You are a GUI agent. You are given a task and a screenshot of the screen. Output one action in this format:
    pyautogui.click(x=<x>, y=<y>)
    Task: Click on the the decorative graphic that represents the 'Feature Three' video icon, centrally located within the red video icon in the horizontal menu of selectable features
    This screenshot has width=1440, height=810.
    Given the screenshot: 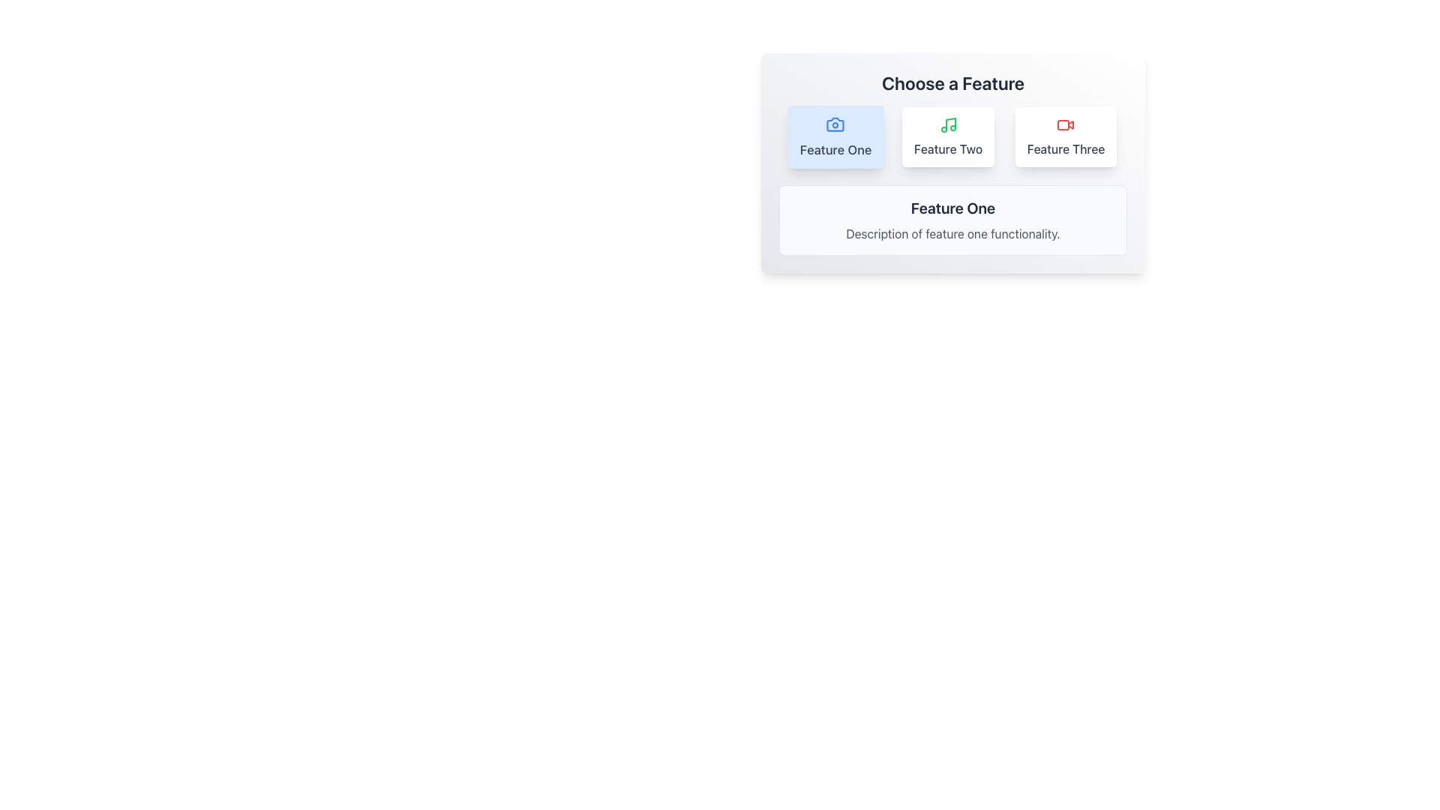 What is the action you would take?
    pyautogui.click(x=1070, y=124)
    